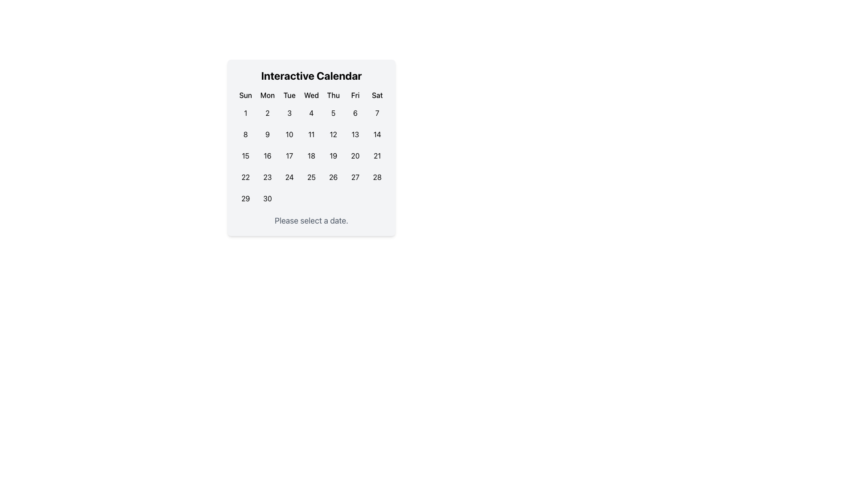  Describe the element at coordinates (311, 113) in the screenshot. I see `the day box displaying the number '4' in the calendar component, which is located in the first row and fourth column of the grid` at that location.